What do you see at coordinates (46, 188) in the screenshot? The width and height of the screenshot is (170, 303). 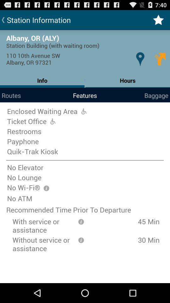 I see `shows infomation about amenities` at bounding box center [46, 188].